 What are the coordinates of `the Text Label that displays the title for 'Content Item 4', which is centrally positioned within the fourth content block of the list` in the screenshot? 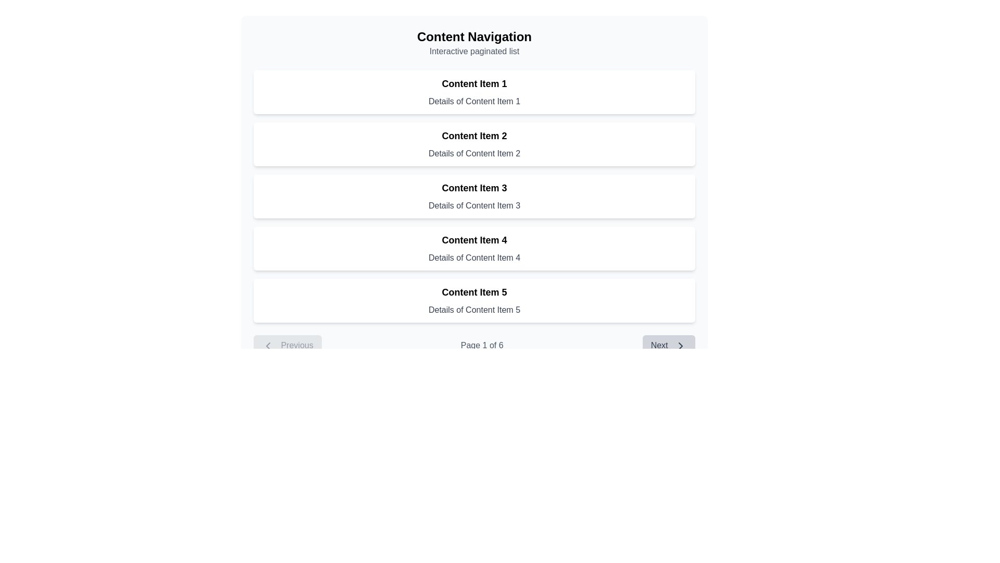 It's located at (474, 240).